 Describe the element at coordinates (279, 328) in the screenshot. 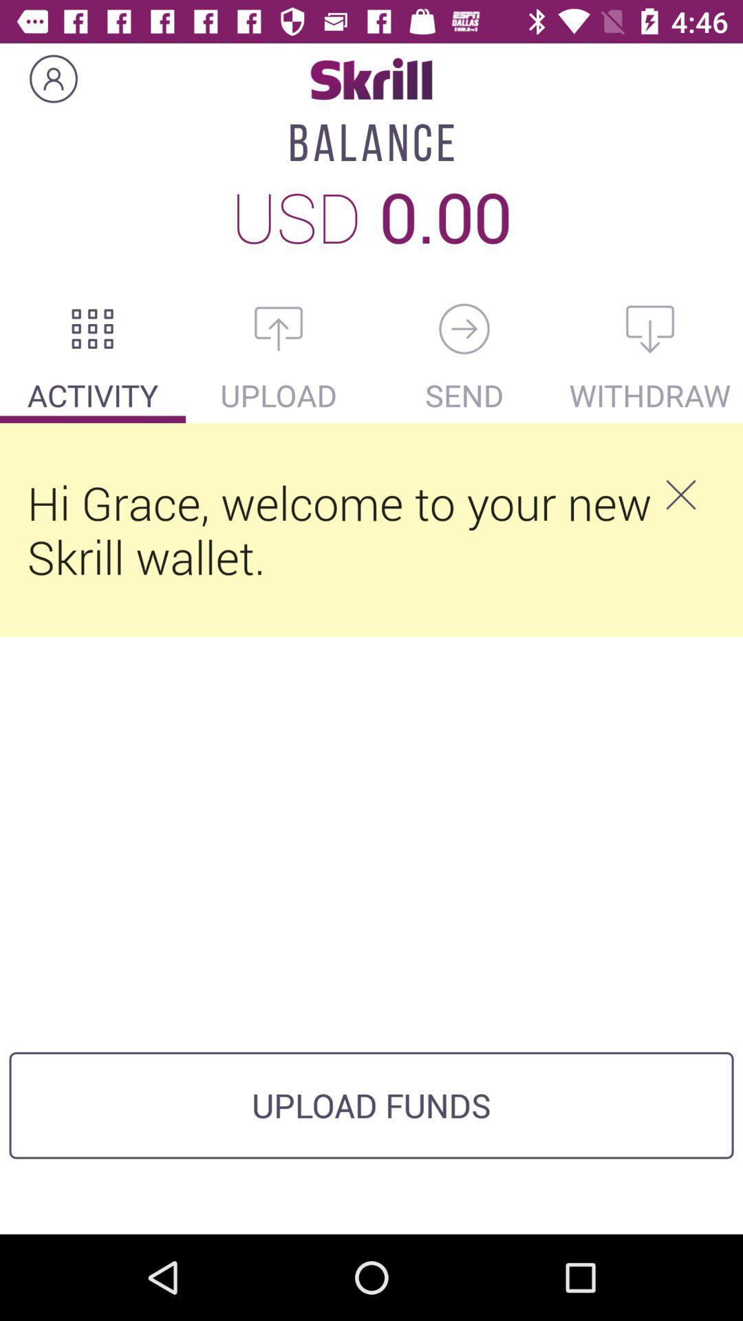

I see `upload funds option` at that location.